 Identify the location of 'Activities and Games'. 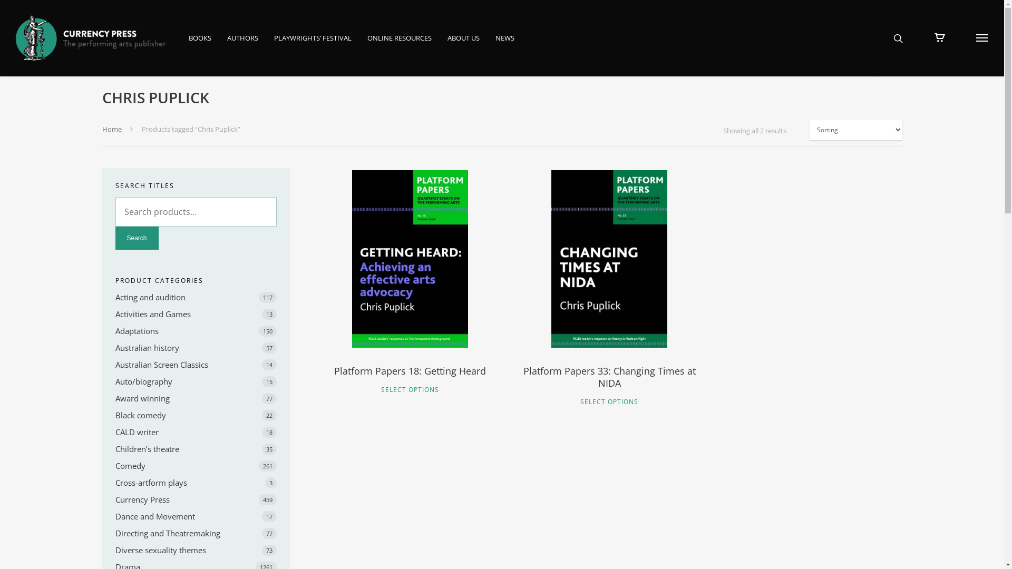
(114, 313).